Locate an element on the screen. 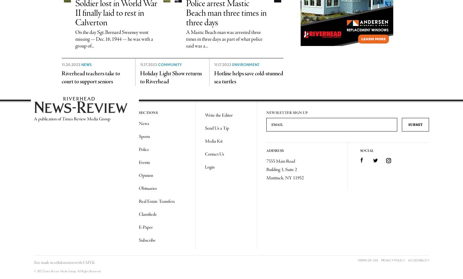 The width and height of the screenshot is (463, 279). 'Environment' is located at coordinates (245, 65).